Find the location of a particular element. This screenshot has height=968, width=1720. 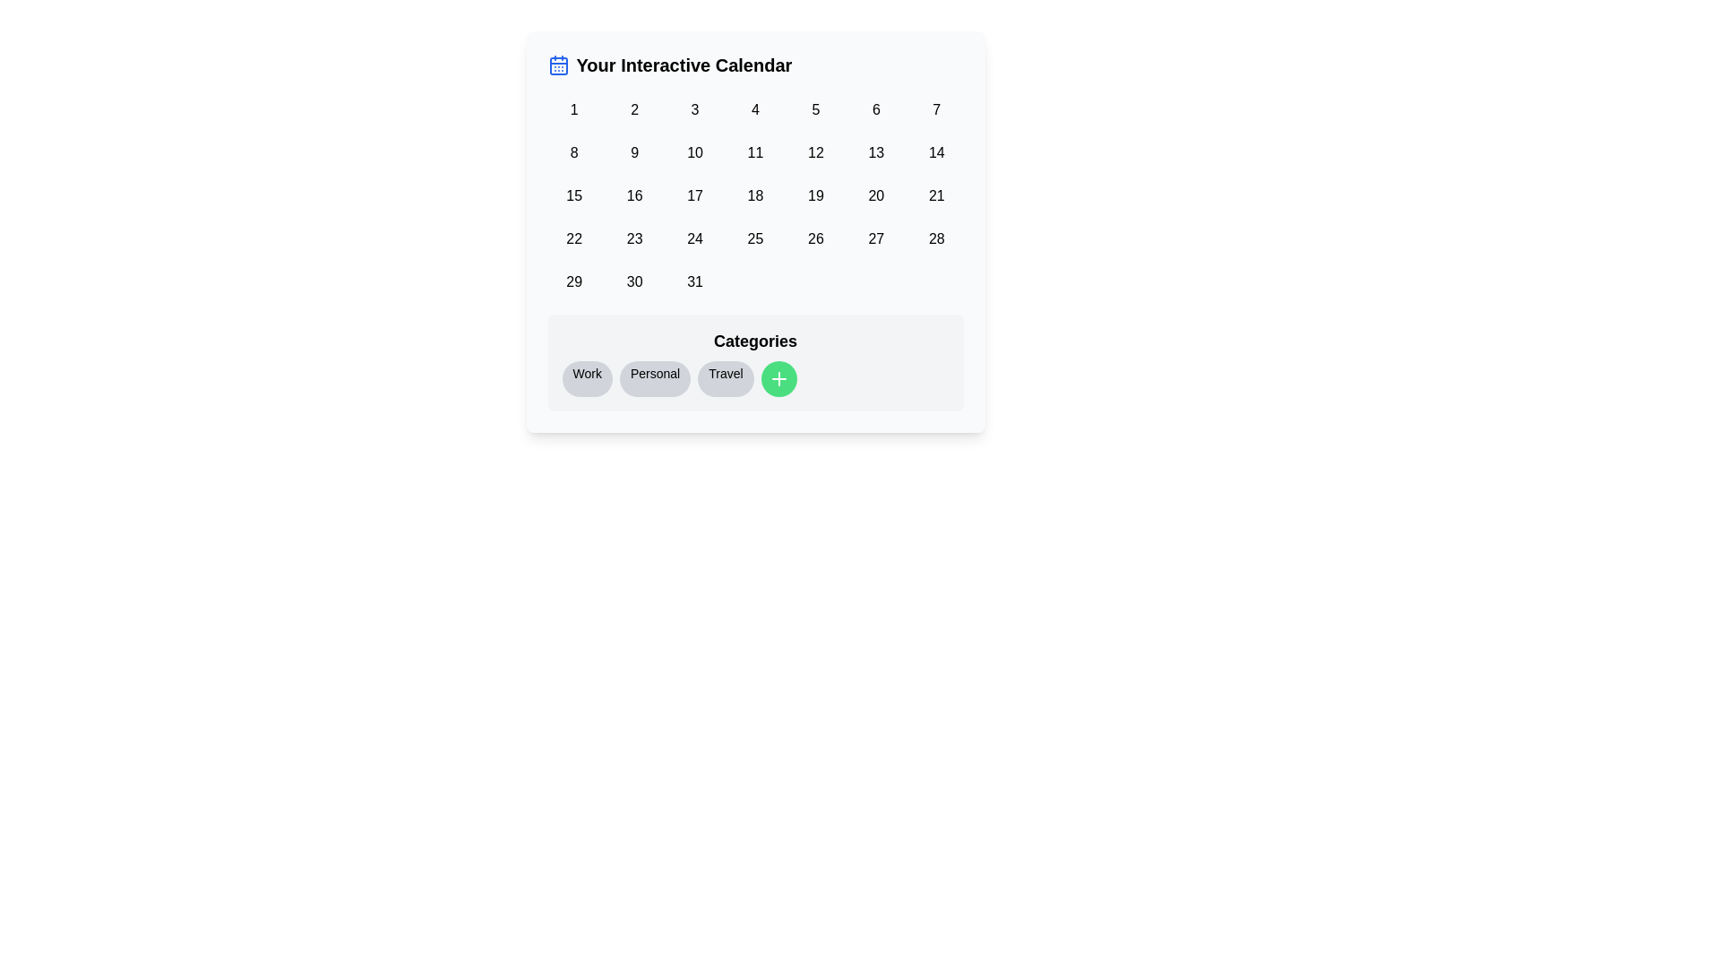

the rounded rectangular button containing the number '22' is located at coordinates (574, 238).